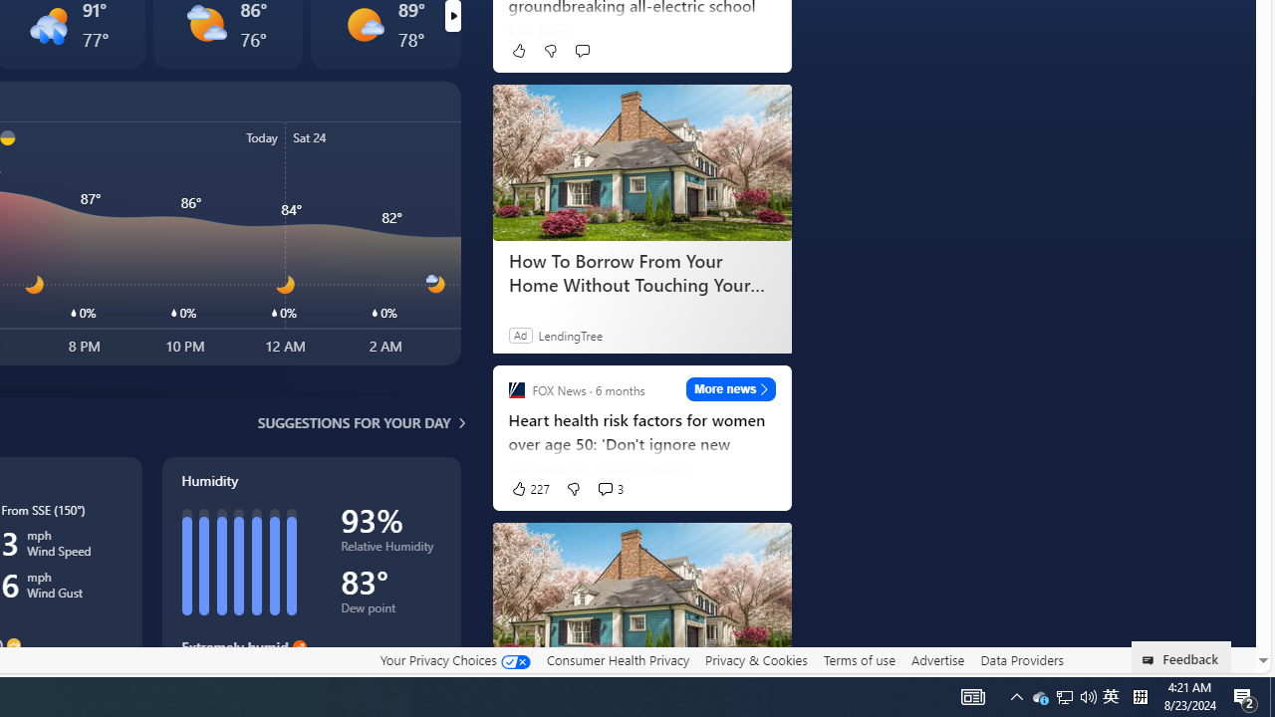  I want to click on 'LendingTree', so click(569, 334).